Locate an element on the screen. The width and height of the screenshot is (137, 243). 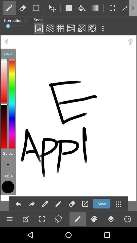
edit is located at coordinates (125, 8).